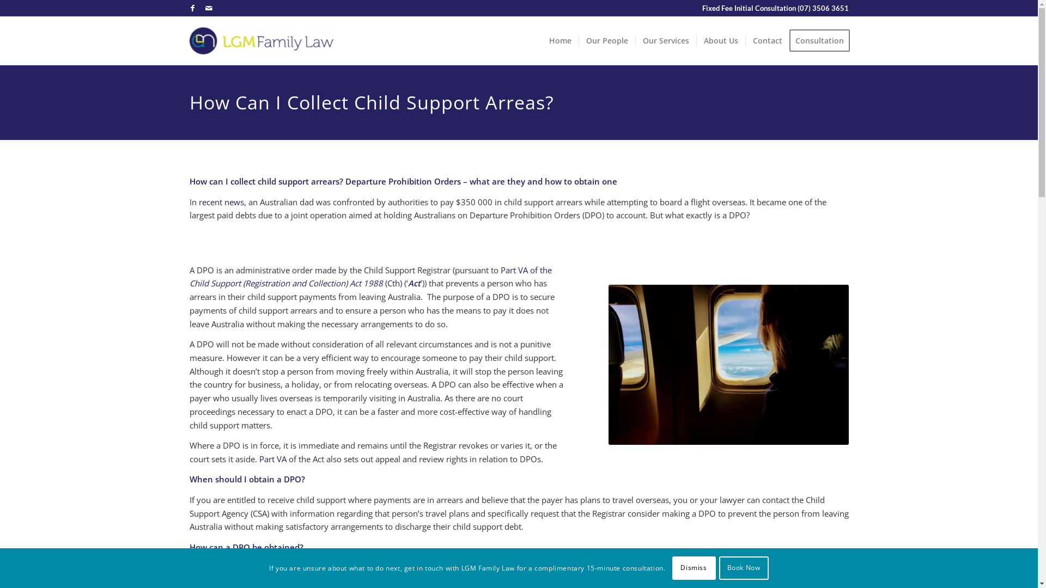 The width and height of the screenshot is (1046, 588). What do you see at coordinates (261, 40) in the screenshot?
I see `'LGM-Family-Law-1'` at bounding box center [261, 40].